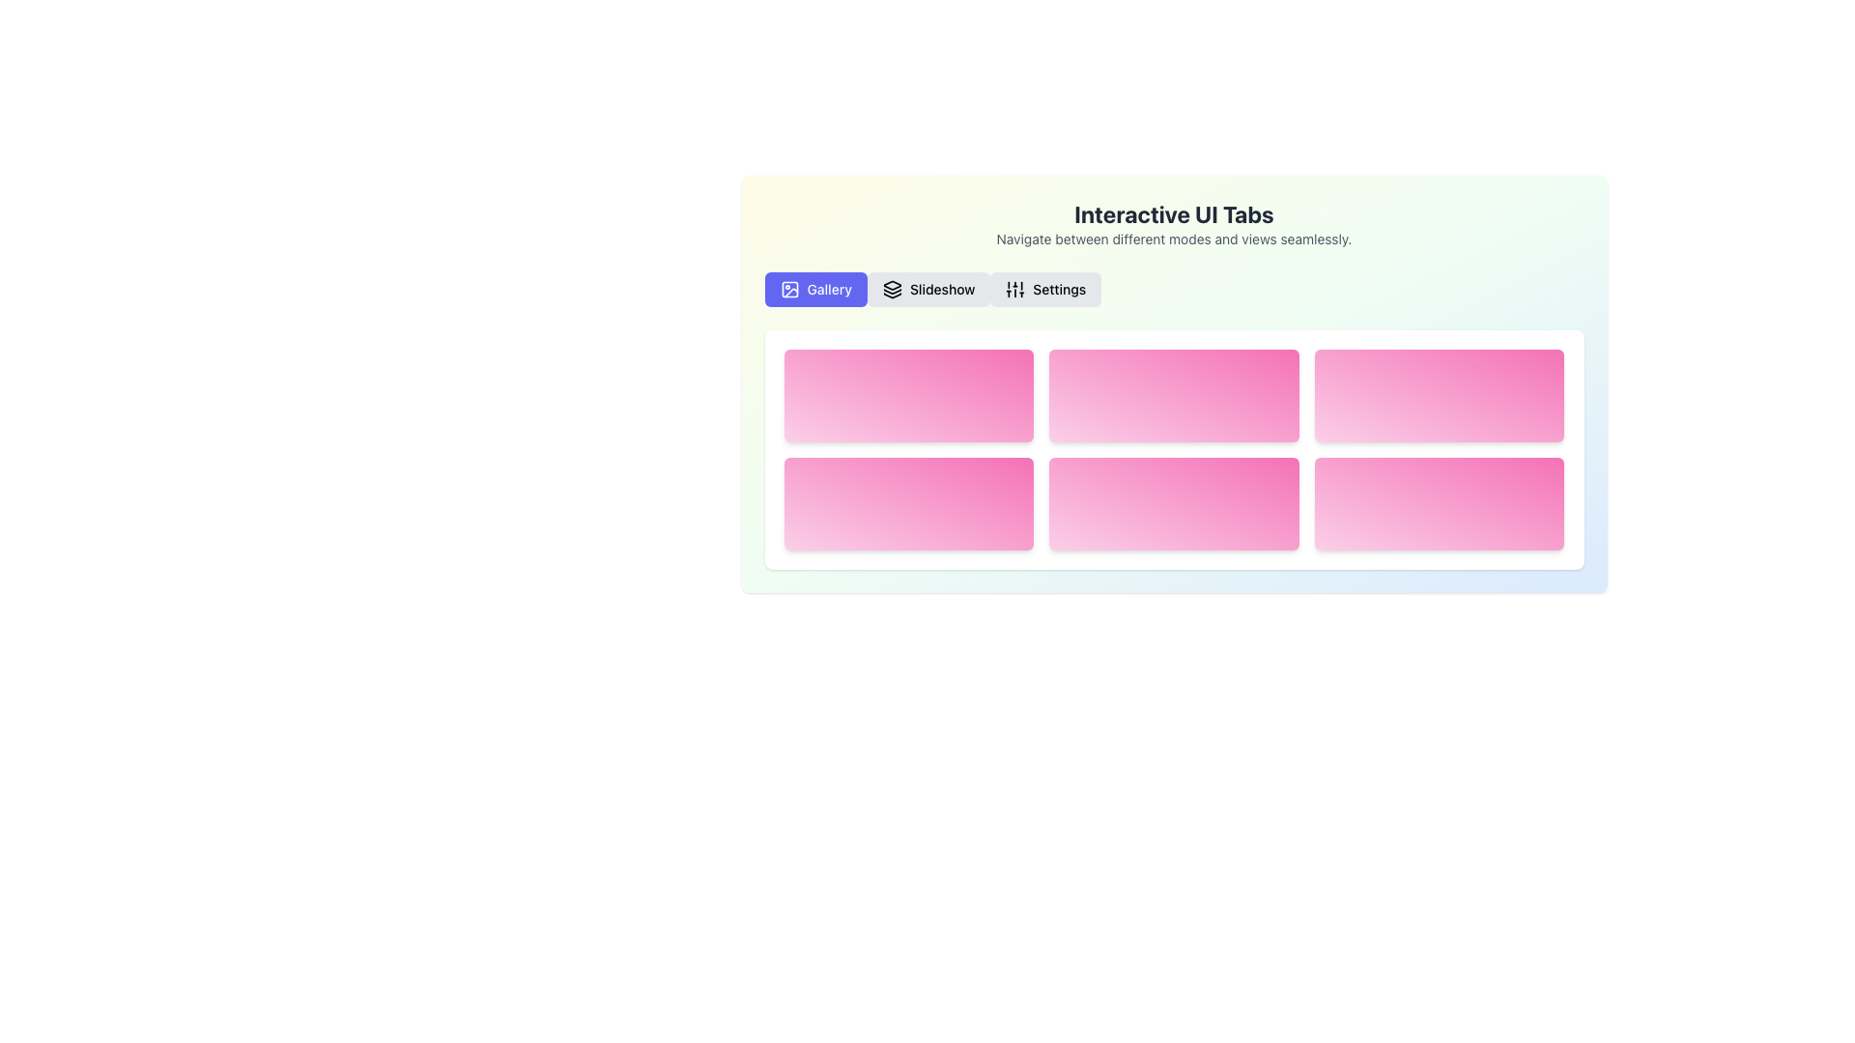 This screenshot has width=1855, height=1043. Describe the element at coordinates (1173, 290) in the screenshot. I see `the Navigation Menu` at that location.